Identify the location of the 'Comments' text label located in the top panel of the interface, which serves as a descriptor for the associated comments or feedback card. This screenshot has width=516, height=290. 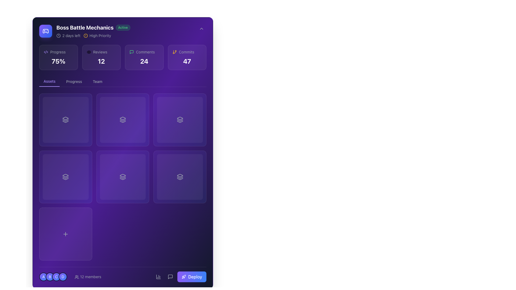
(145, 52).